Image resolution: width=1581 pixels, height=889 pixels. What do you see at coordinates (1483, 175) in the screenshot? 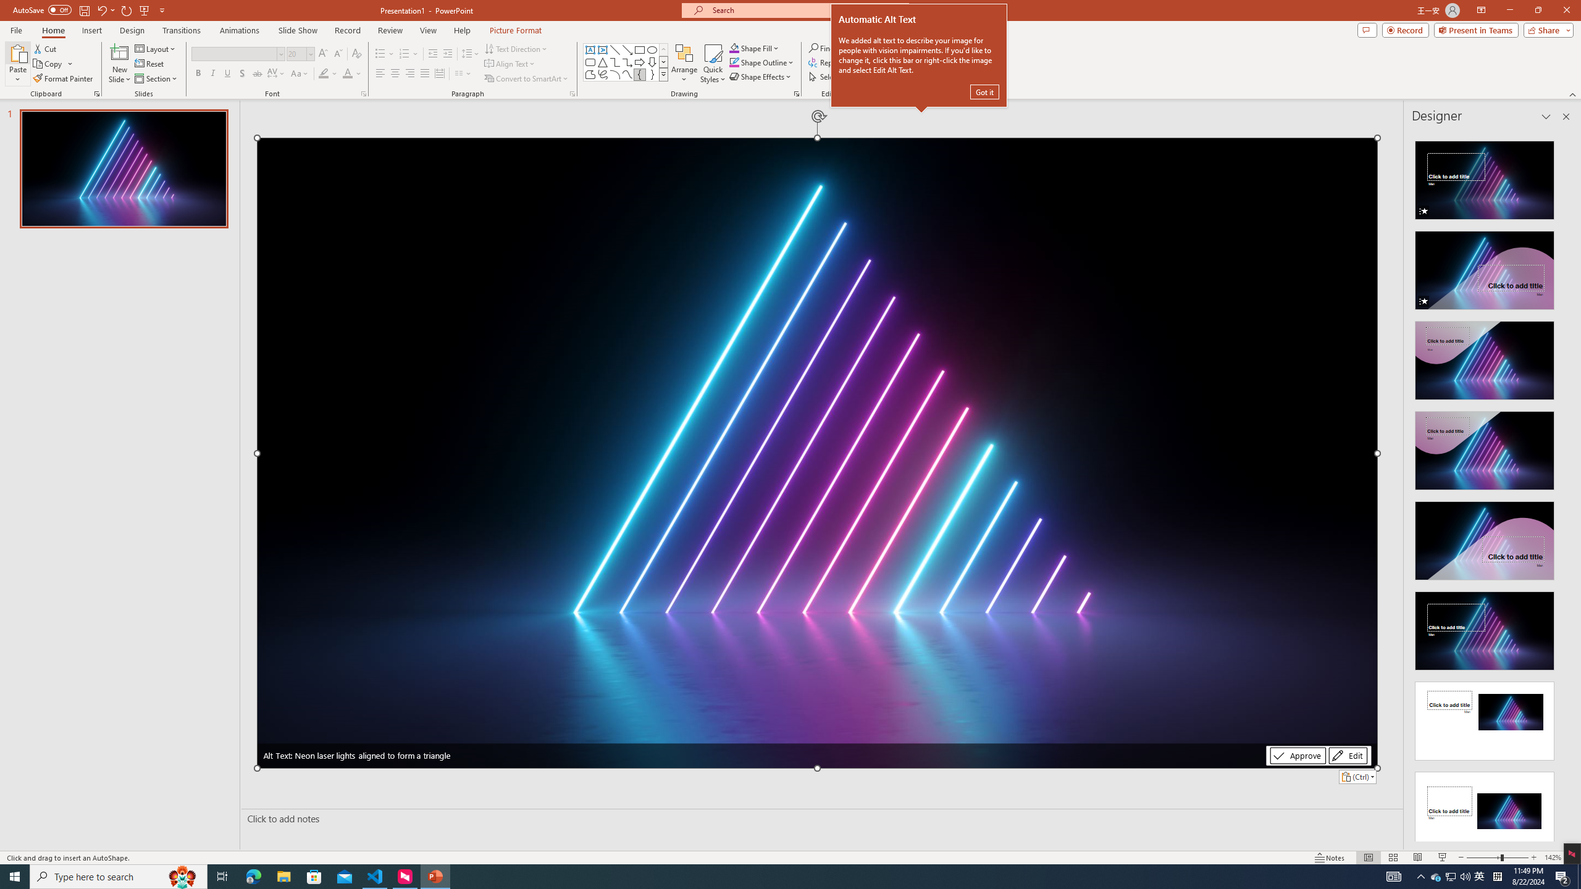
I see `'Recommended Design: Animation'` at bounding box center [1483, 175].